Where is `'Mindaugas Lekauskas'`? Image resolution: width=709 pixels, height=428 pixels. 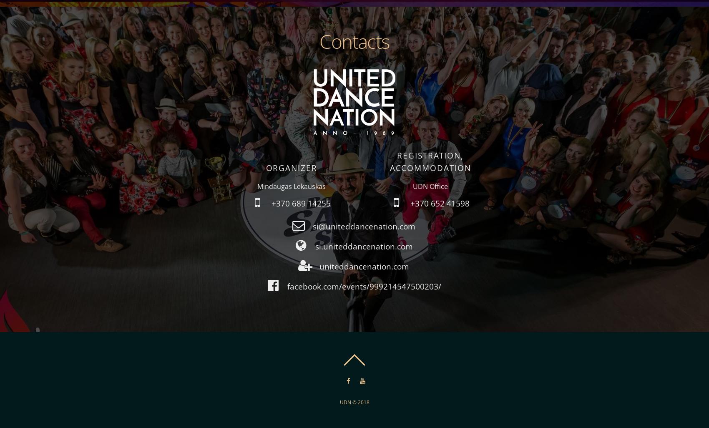
'Mindaugas Lekauskas' is located at coordinates (256, 186).